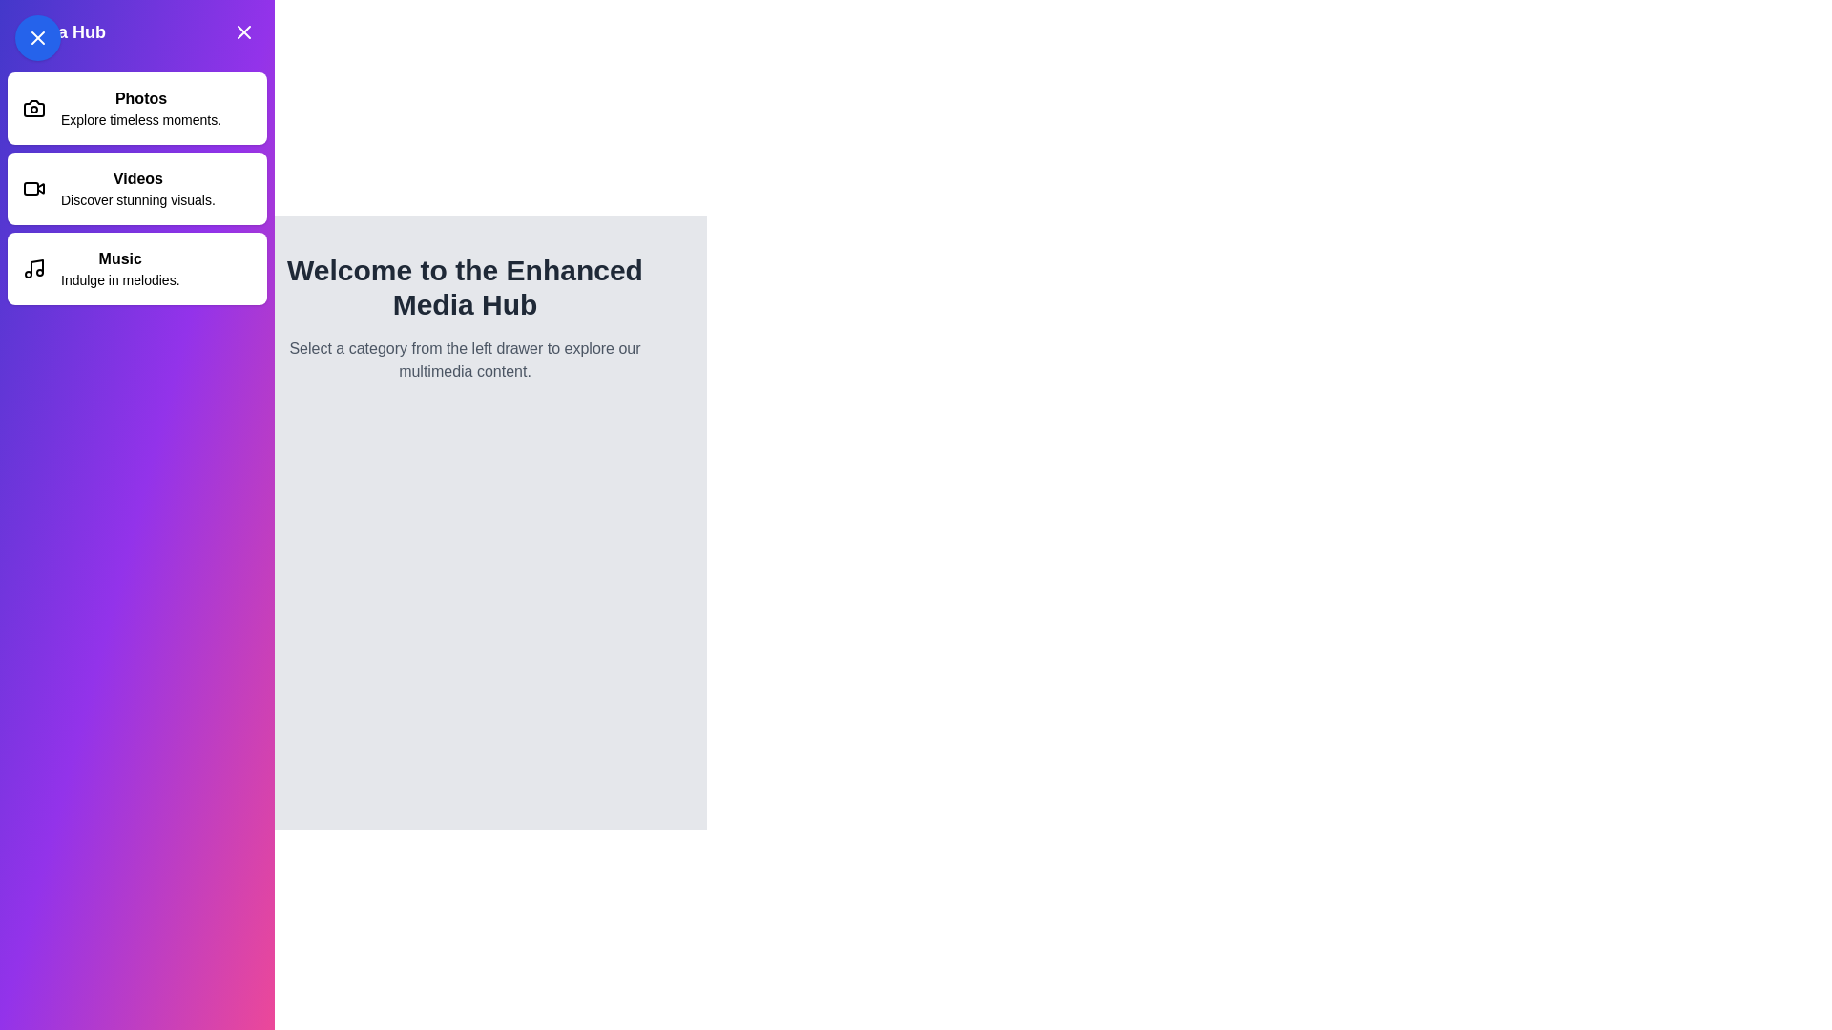 The image size is (1832, 1030). What do you see at coordinates (136, 188) in the screenshot?
I see `the media category Videos from the list` at bounding box center [136, 188].